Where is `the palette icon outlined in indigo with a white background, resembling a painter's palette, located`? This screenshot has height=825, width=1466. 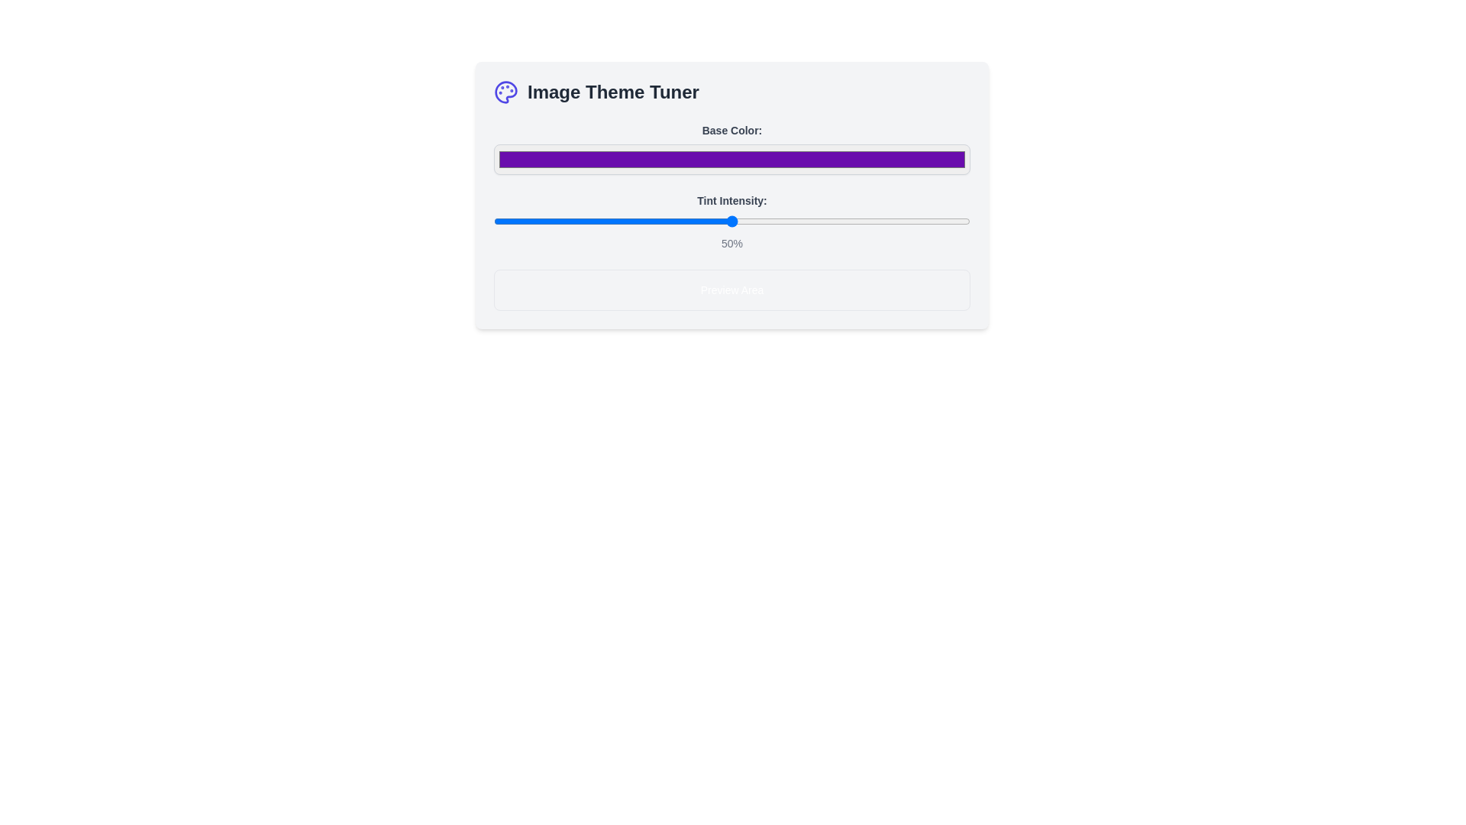
the palette icon outlined in indigo with a white background, resembling a painter's palette, located is located at coordinates (505, 92).